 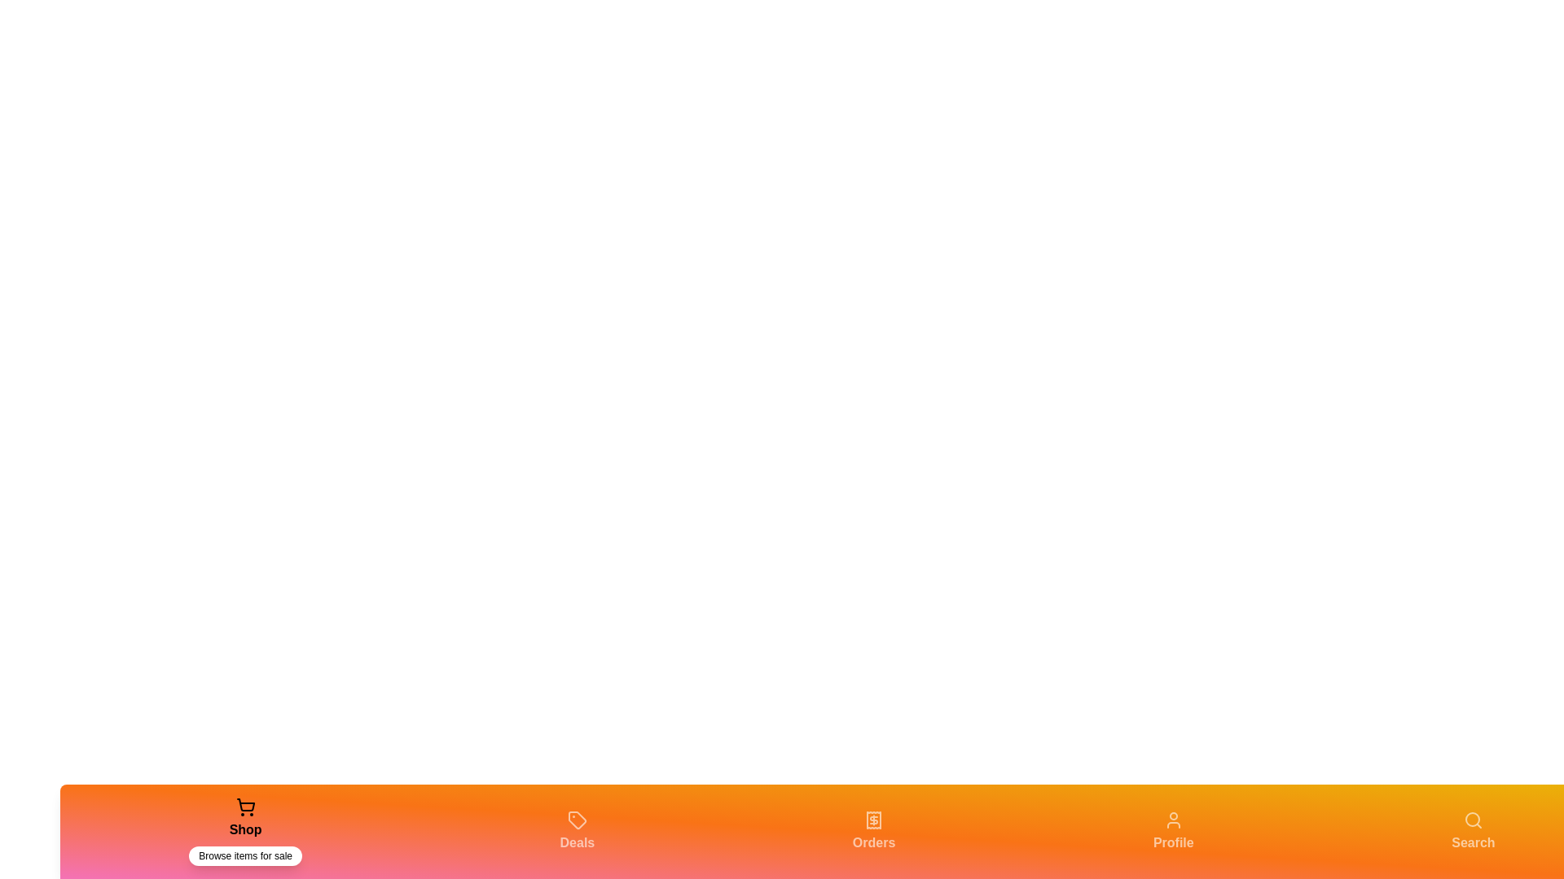 I want to click on the Deals tab in the bottom navigation bar, so click(x=577, y=832).